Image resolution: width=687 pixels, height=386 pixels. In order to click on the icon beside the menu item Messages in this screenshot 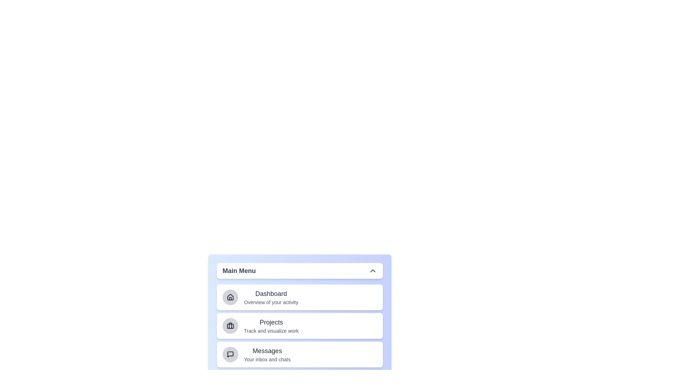, I will do `click(230, 354)`.